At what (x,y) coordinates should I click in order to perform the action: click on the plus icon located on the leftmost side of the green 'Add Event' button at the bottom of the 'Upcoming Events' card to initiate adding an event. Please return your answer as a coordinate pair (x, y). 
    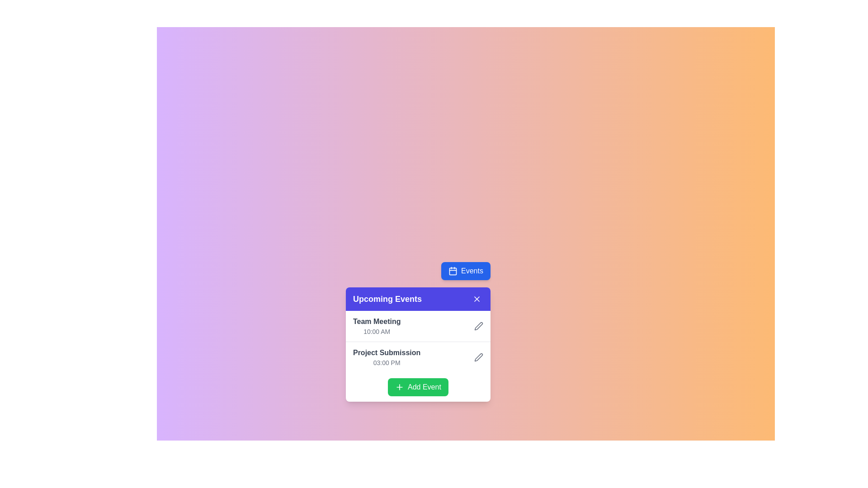
    Looking at the image, I should click on (399, 386).